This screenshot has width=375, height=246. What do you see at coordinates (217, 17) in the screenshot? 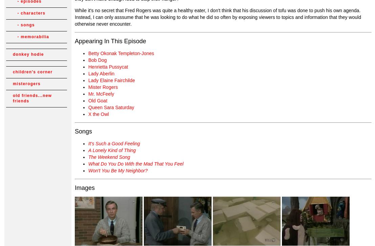
I see `'While it's no secret that Fred Rogers was quite a healthy eater, I don't think that his discussion of tofu was done to push his own agenda. Instead, I can only asssume that he was looking to do what he did so often by exposing viewers to topics and information that they would otherwise never encounter.'` at bounding box center [217, 17].